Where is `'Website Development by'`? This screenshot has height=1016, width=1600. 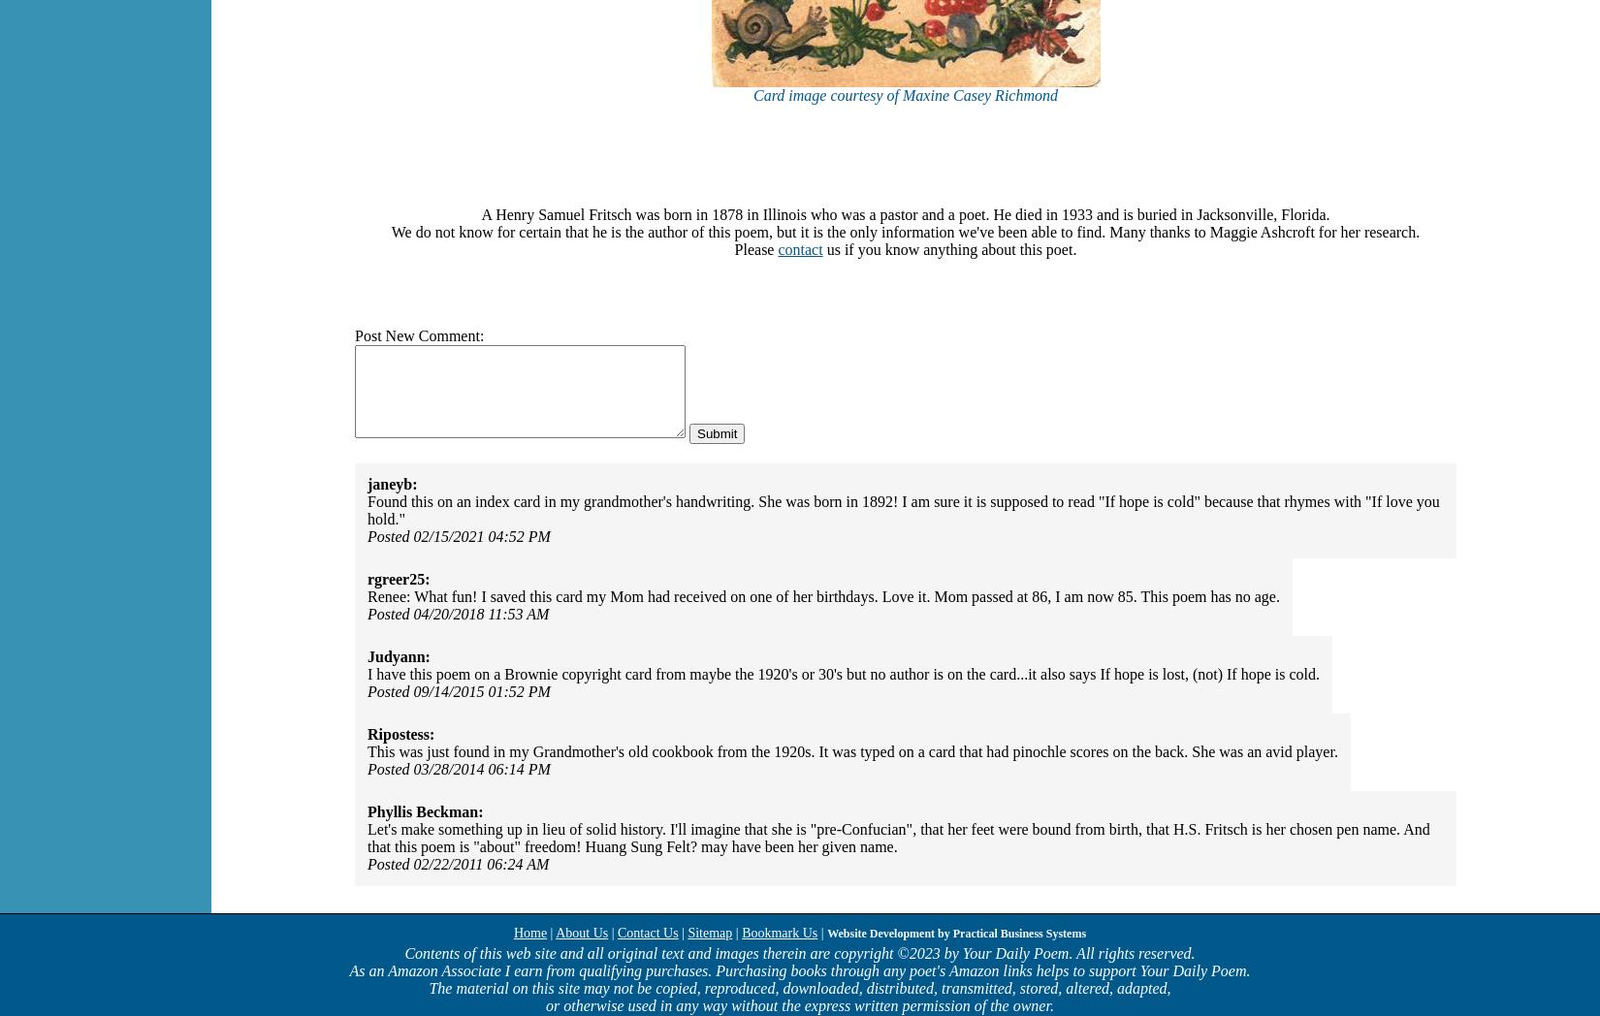
'Website Development by' is located at coordinates (889, 933).